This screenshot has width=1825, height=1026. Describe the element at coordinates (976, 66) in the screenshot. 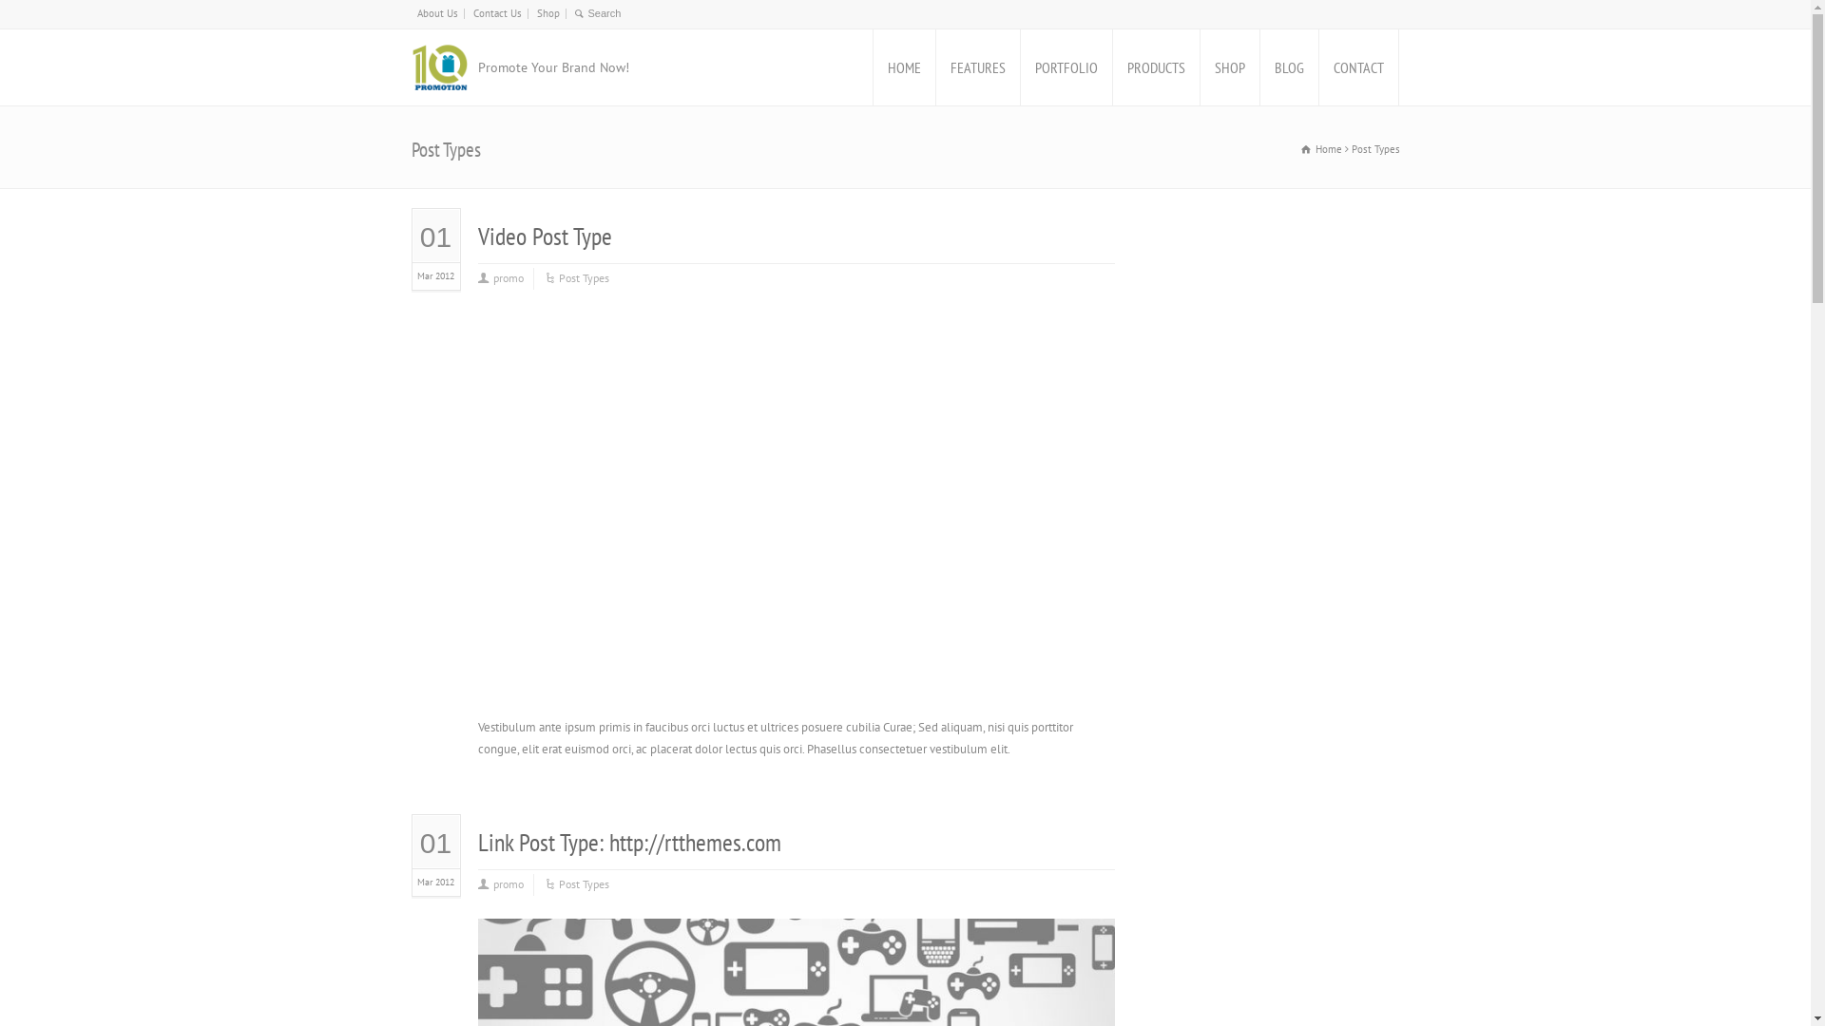

I see `'FEATURES'` at that location.